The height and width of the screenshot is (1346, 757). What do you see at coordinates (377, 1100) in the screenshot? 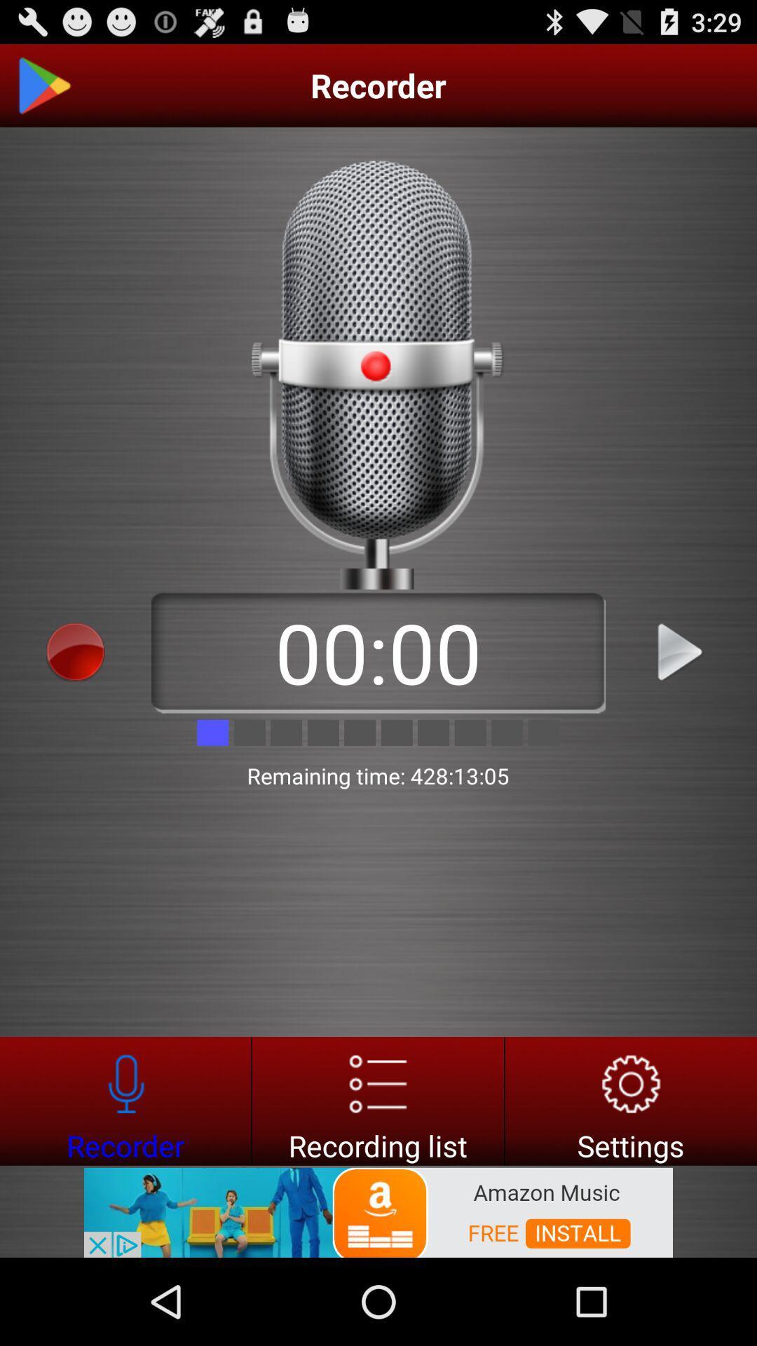
I see `recording list option` at bounding box center [377, 1100].